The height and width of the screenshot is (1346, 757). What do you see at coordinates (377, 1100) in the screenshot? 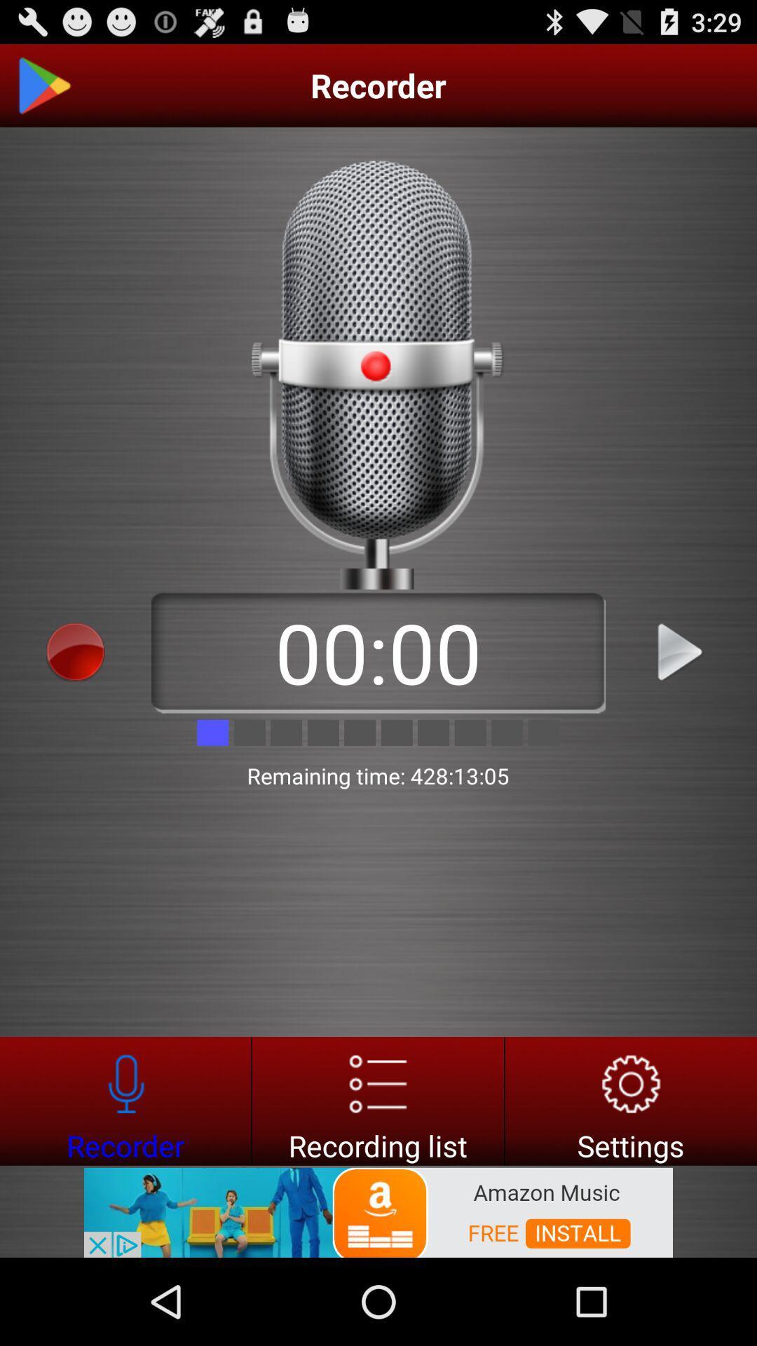
I see `recording list option` at bounding box center [377, 1100].